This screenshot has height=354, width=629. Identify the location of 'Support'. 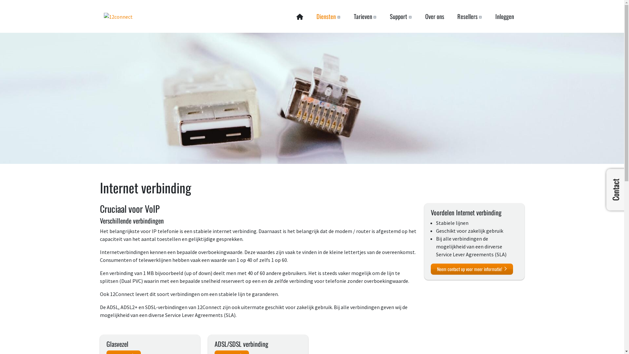
(400, 16).